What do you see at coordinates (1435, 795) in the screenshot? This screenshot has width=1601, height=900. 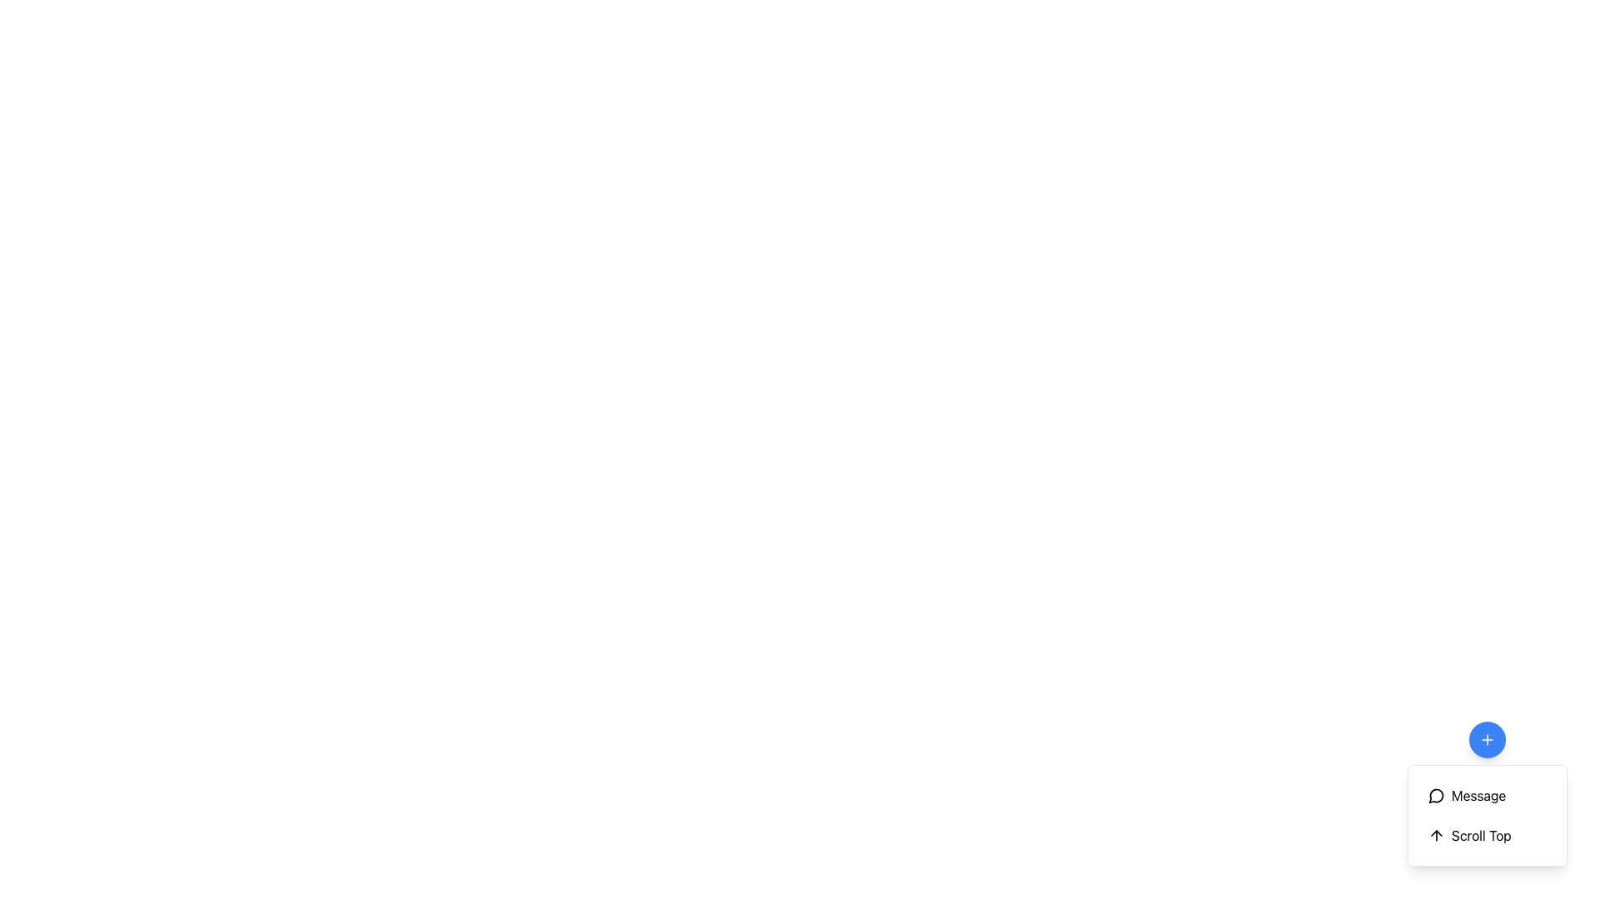 I see `the tail of the speech bubble icon which is located in the bottom-left portion of the icon` at bounding box center [1435, 795].